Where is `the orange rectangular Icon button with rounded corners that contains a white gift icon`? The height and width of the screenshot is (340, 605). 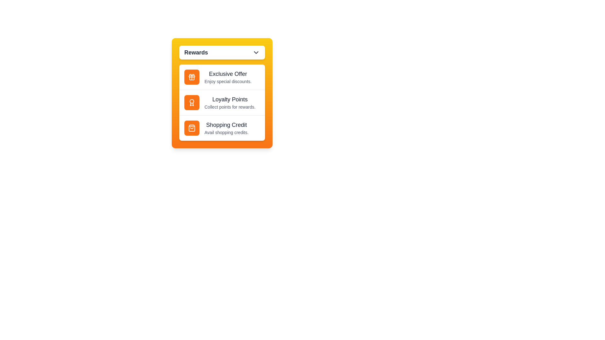
the orange rectangular Icon button with rounded corners that contains a white gift icon is located at coordinates (192, 77).